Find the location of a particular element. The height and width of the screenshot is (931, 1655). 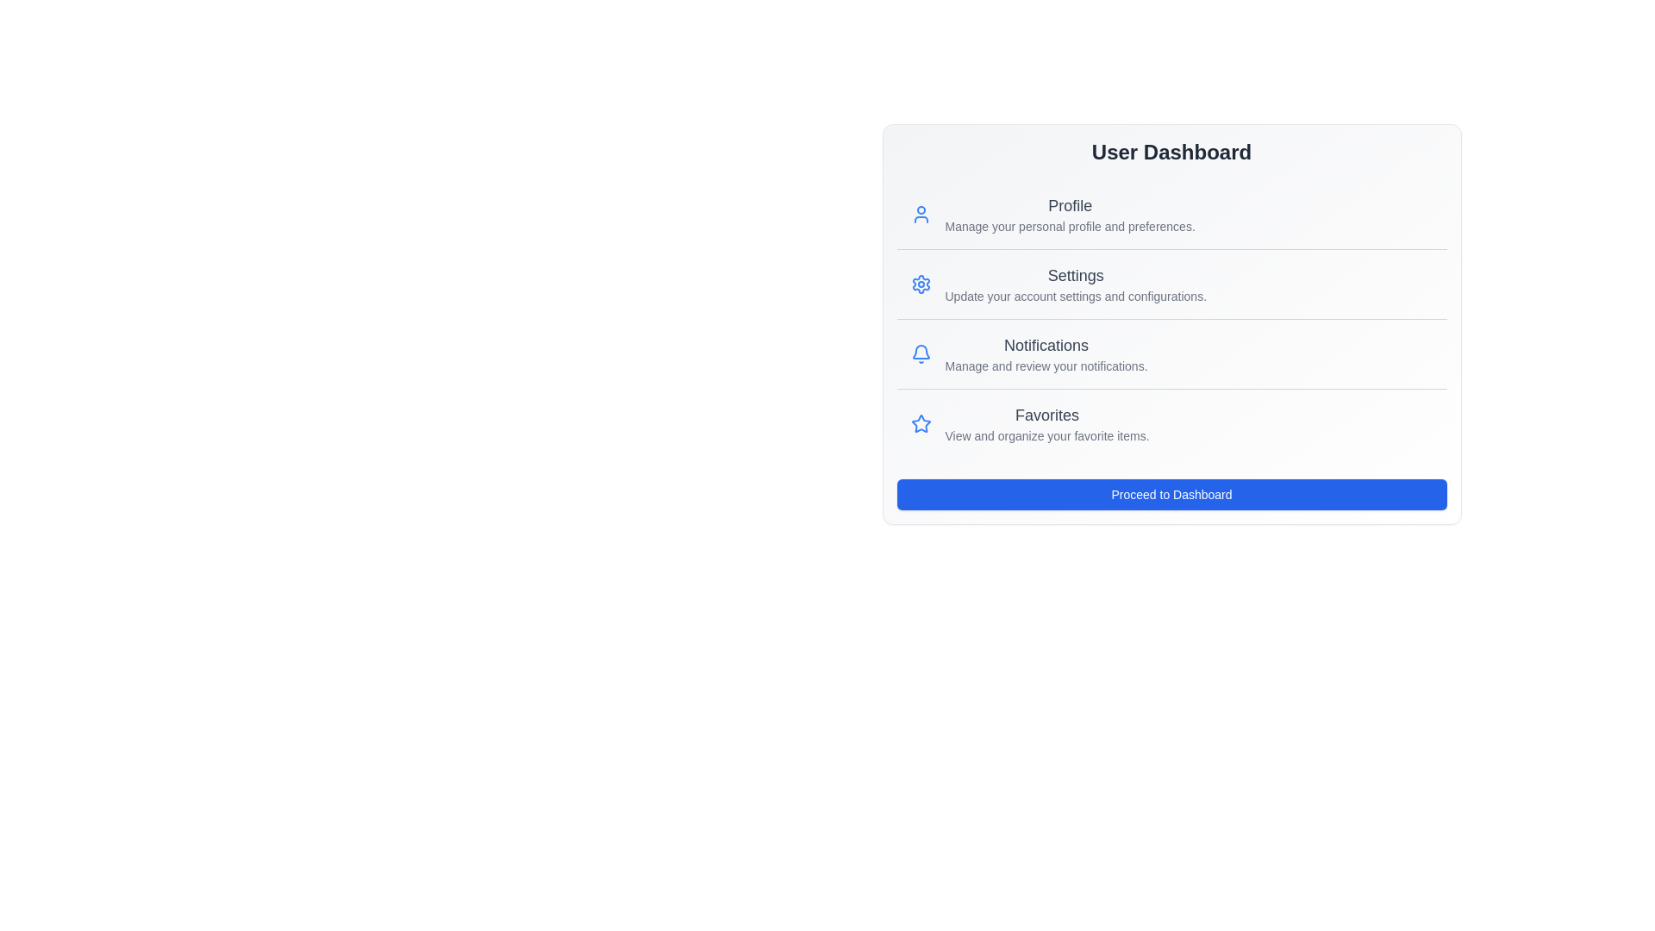

the header text for the 'Settings' section of the user dashboard, which is located between the 'Profile' and 'Notifications' sections is located at coordinates (1075, 275).